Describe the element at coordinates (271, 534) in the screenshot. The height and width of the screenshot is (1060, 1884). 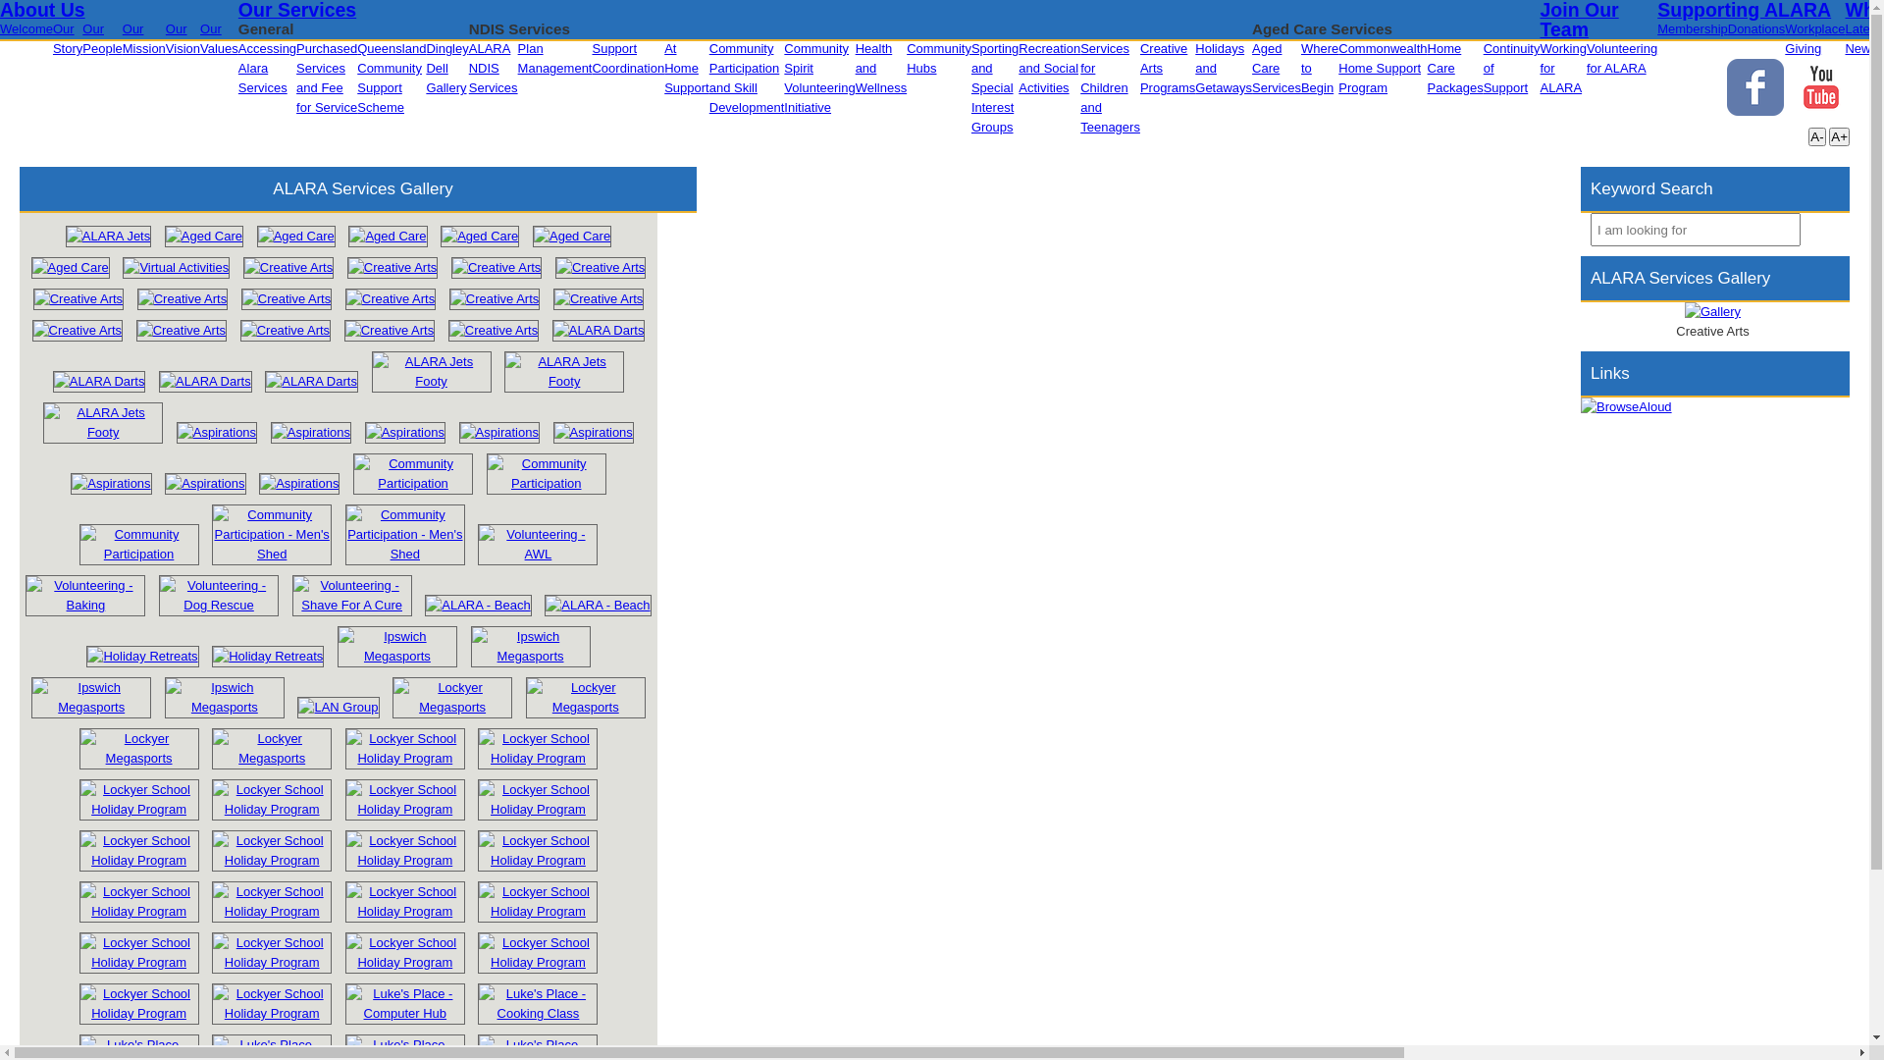
I see `'Community Participation - Men's Shed'` at that location.